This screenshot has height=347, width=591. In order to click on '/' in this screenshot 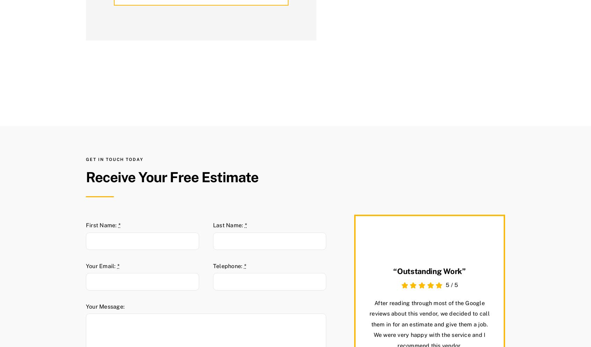, I will do `click(451, 285)`.